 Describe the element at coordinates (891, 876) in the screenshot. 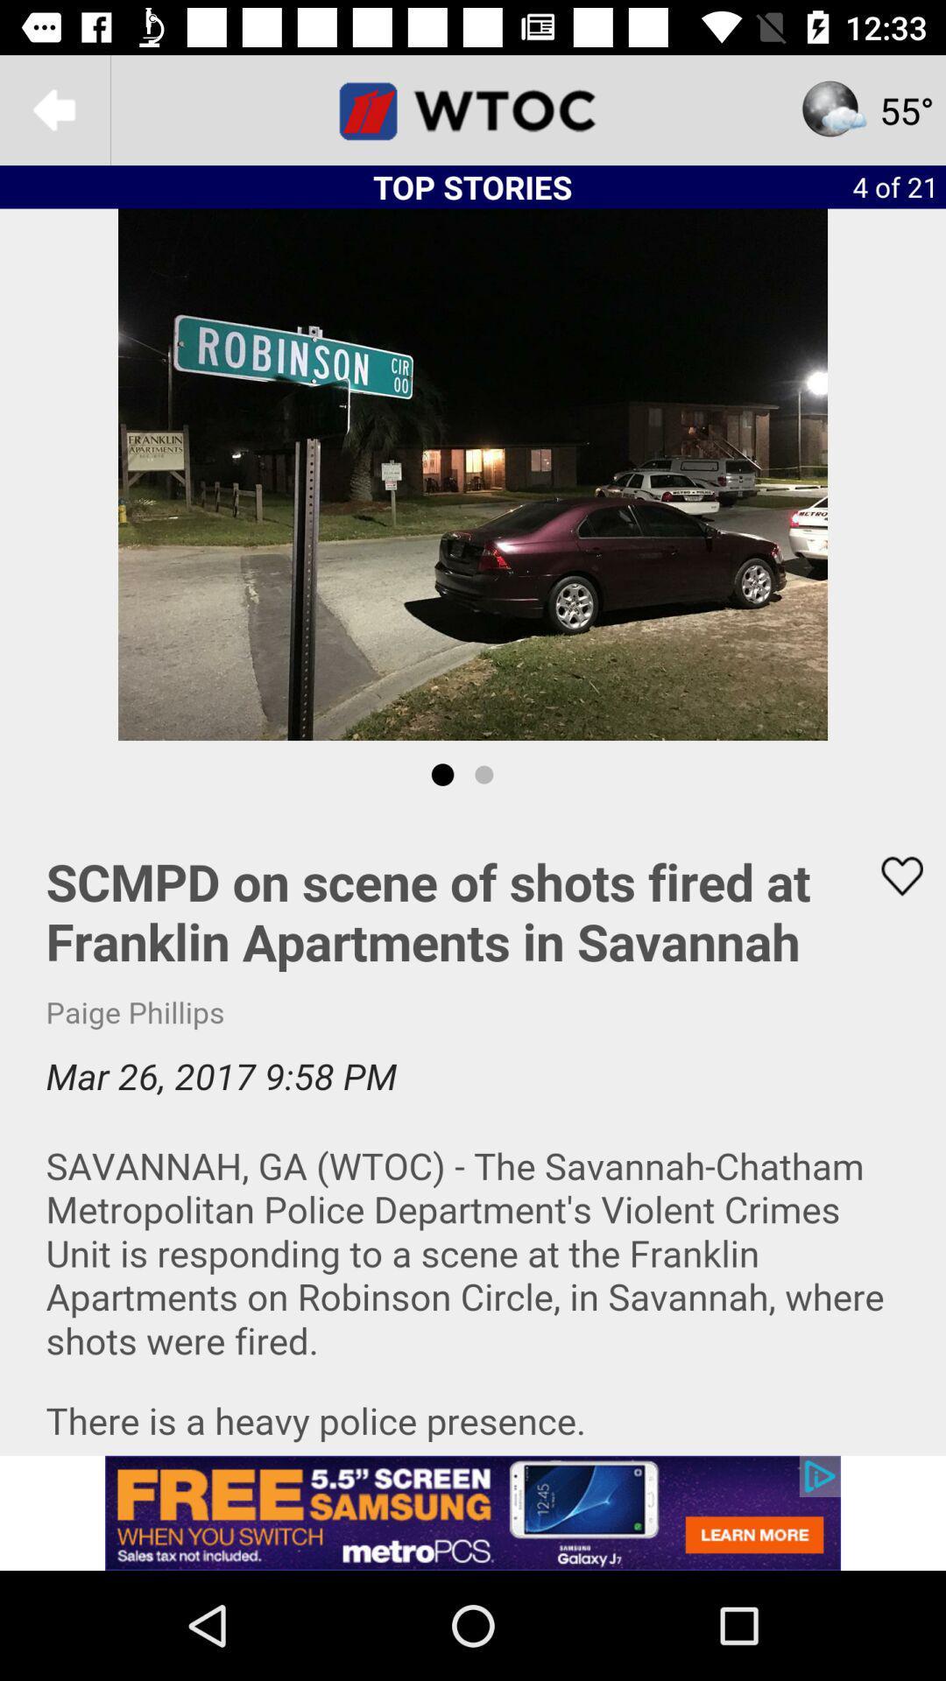

I see `article` at that location.